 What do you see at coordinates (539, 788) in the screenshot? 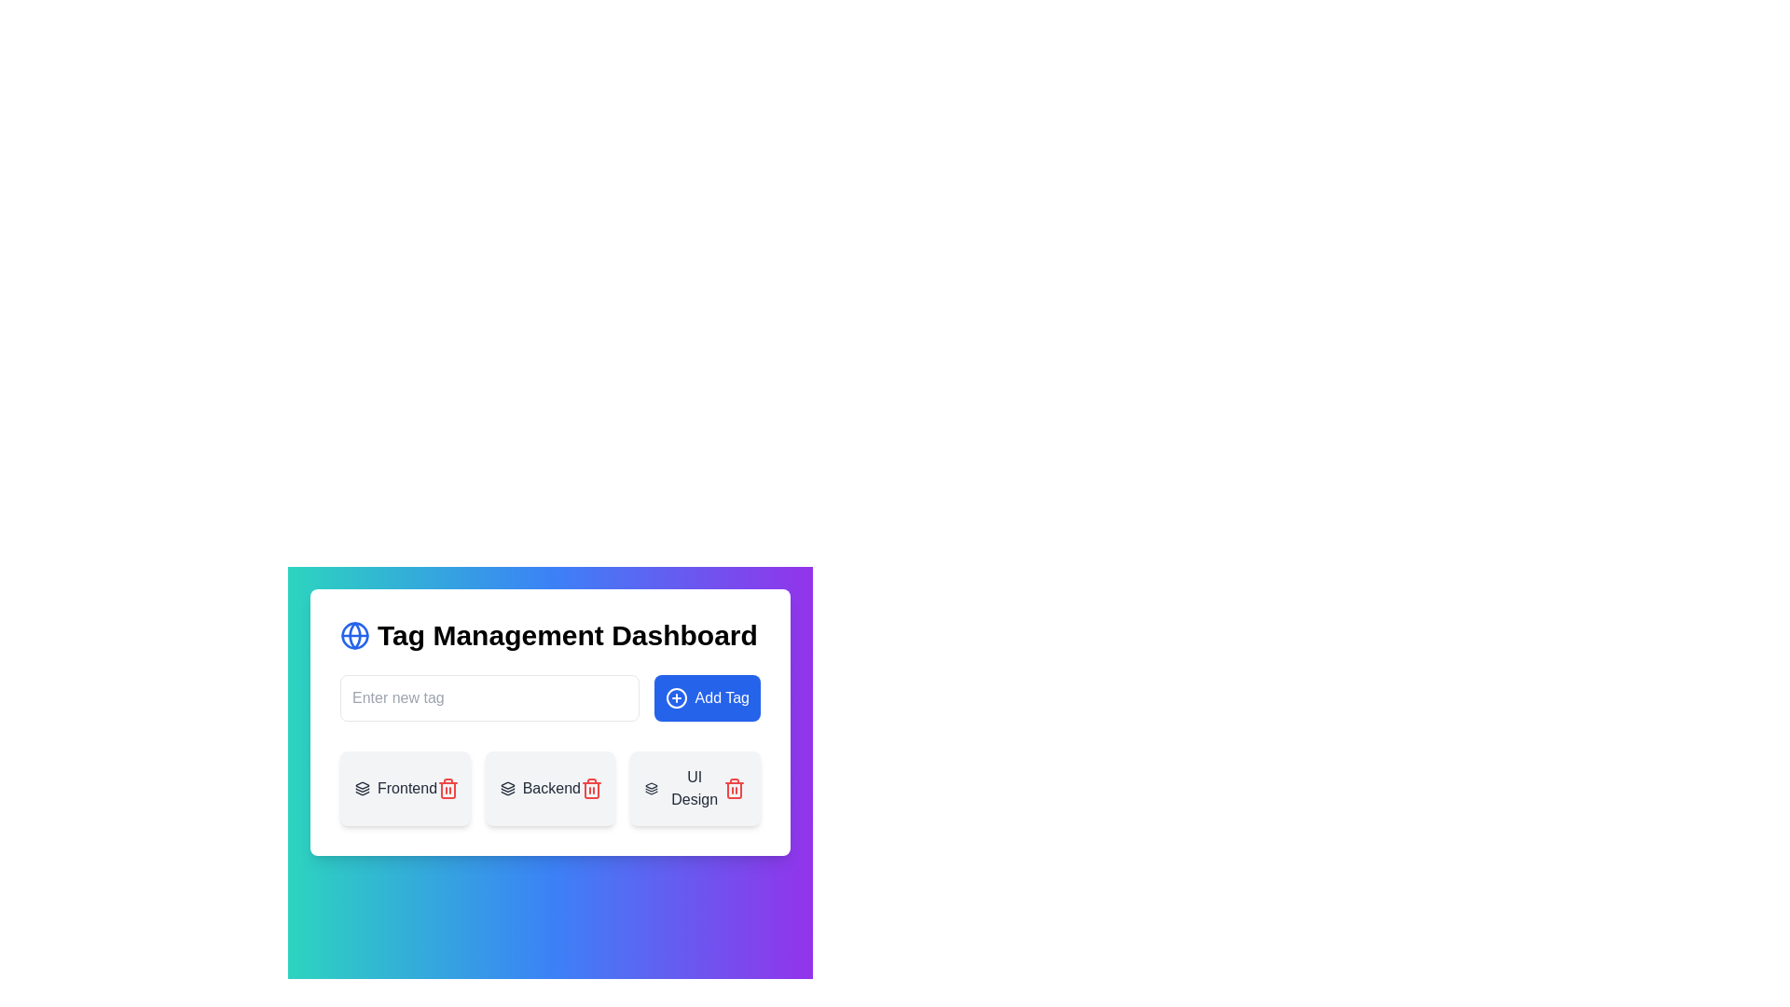
I see `the 'Backend' tag label, which is styled in dark gray with an icon of stacked layers to its left, located in the second position among sibling tags in the content section of the dashboard` at bounding box center [539, 788].